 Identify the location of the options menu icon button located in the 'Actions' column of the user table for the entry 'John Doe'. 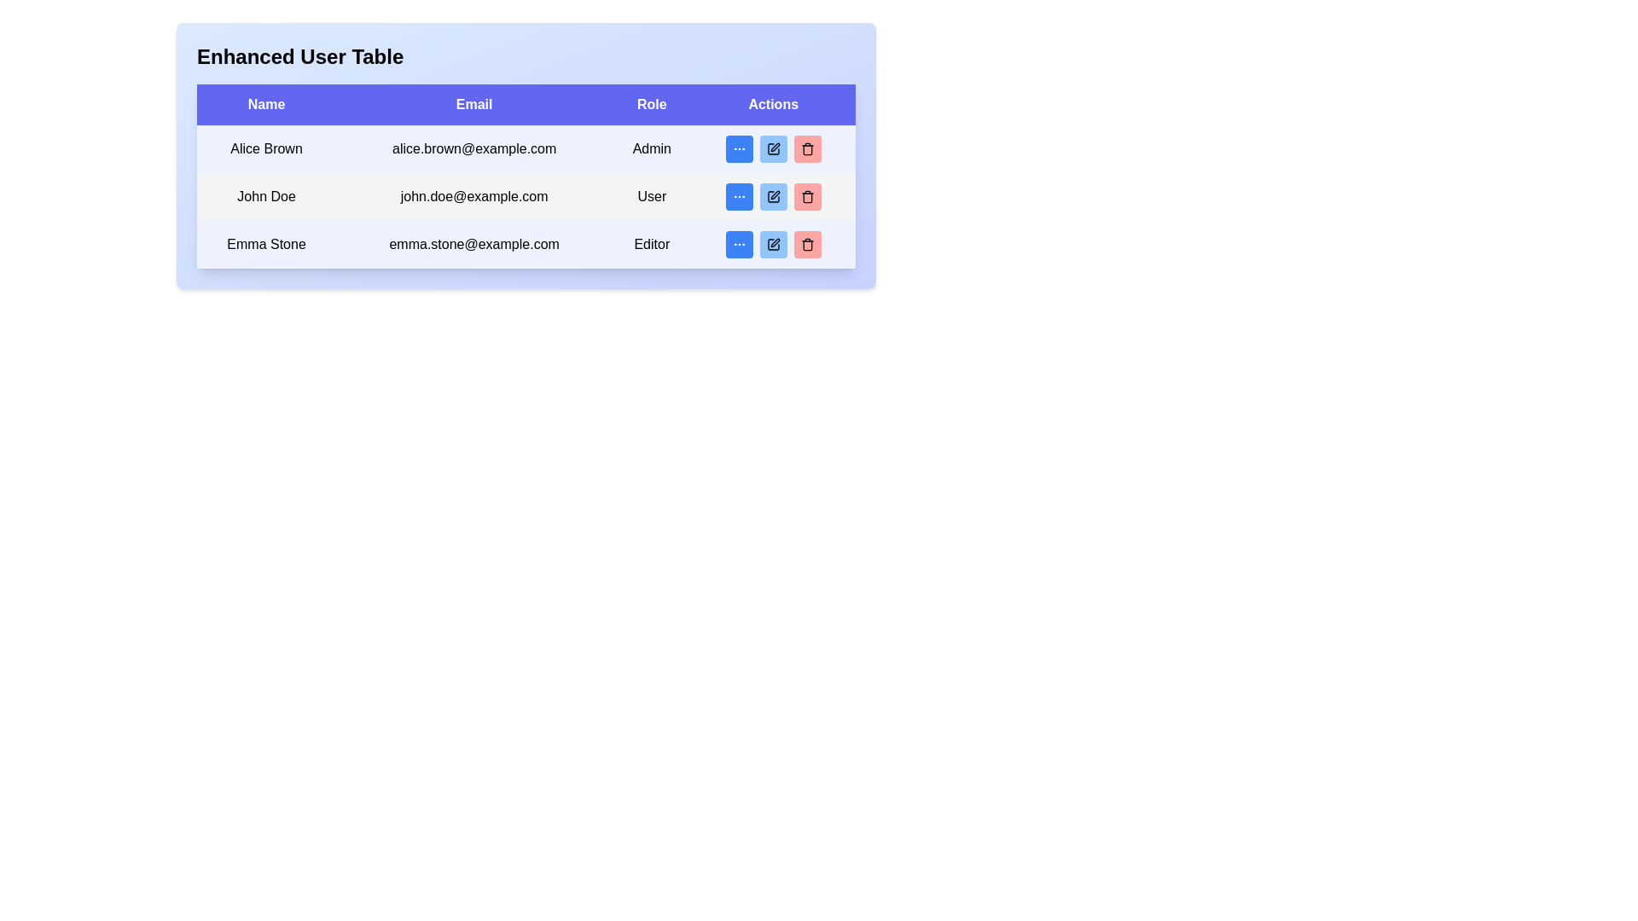
(739, 196).